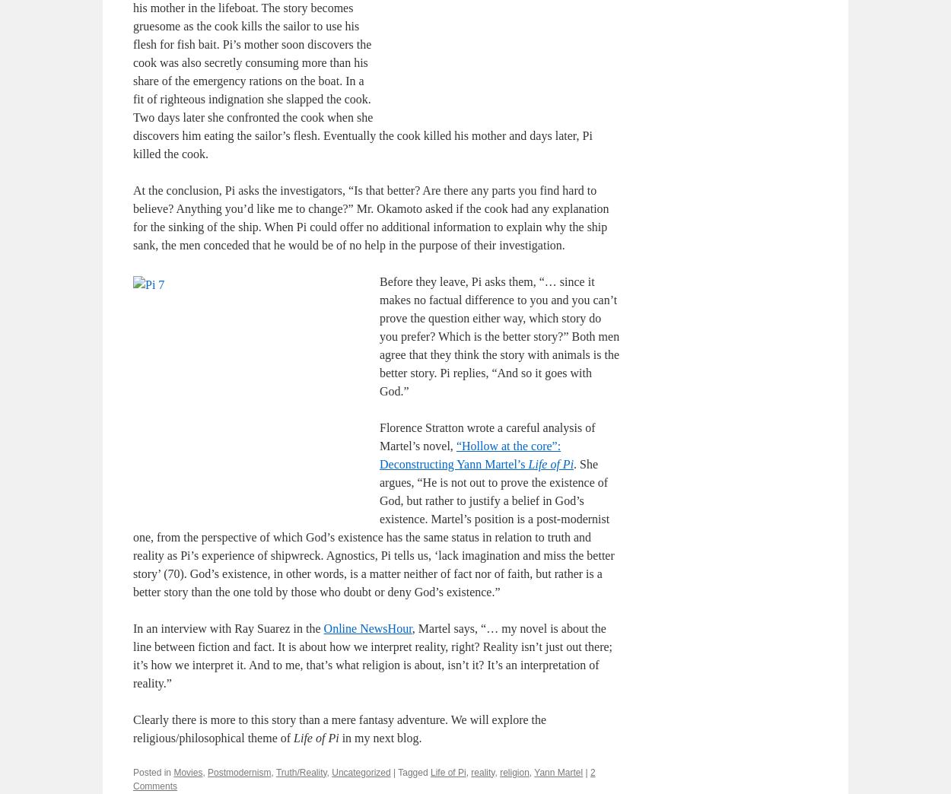 The image size is (951, 794). What do you see at coordinates (558, 771) in the screenshot?
I see `'Yann Martel'` at bounding box center [558, 771].